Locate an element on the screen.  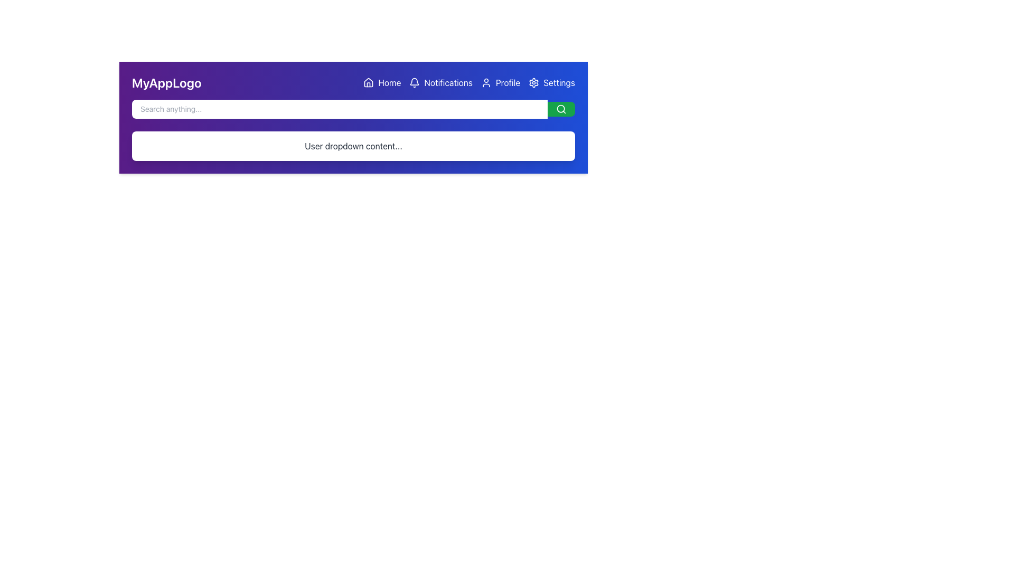
the search button located to the right of the search input field is located at coordinates (560, 109).